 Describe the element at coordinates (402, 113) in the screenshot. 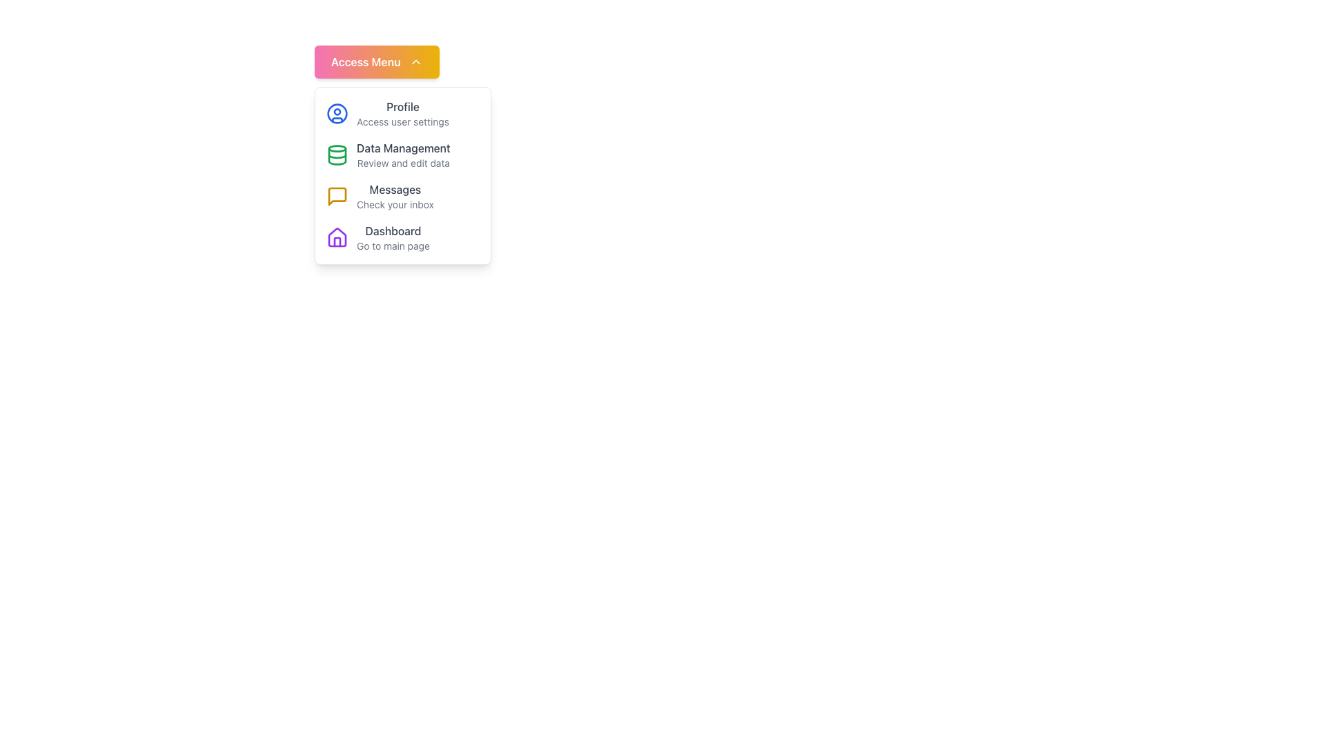

I see `the 'Profile' menu option entry, which features a blue user circle icon and the text 'Profile' in bold` at that location.